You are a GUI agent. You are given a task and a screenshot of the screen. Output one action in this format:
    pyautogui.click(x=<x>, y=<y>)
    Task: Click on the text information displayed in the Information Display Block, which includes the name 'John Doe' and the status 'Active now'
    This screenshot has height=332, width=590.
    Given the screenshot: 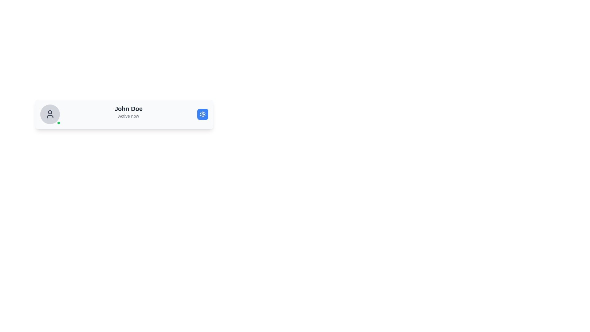 What is the action you would take?
    pyautogui.click(x=128, y=114)
    